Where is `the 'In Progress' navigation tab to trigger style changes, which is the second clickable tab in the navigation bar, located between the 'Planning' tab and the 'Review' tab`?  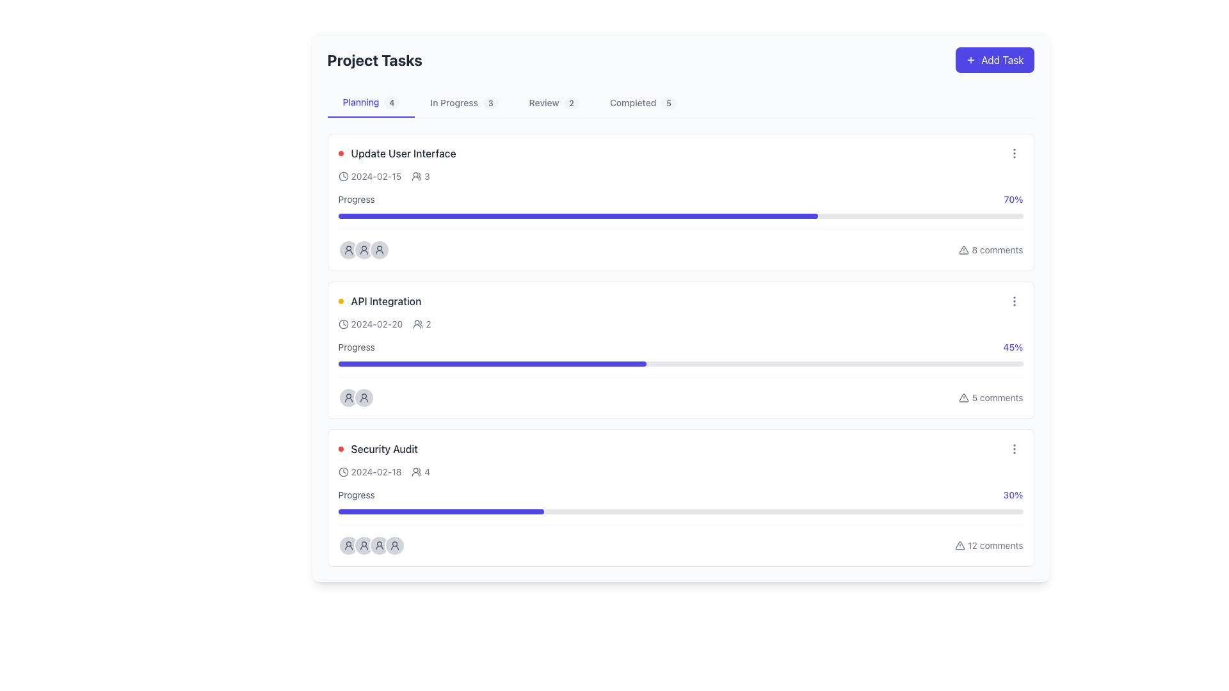 the 'In Progress' navigation tab to trigger style changes, which is the second clickable tab in the navigation bar, located between the 'Planning' tab and the 'Review' tab is located at coordinates (463, 102).